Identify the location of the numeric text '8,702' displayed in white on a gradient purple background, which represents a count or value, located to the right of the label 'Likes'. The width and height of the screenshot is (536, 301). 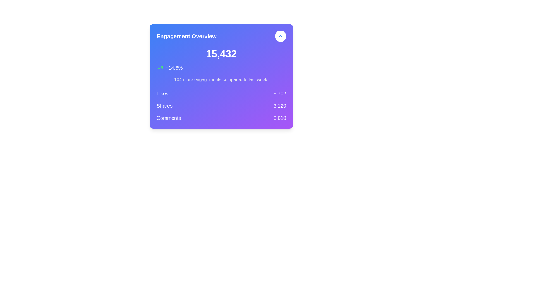
(280, 93).